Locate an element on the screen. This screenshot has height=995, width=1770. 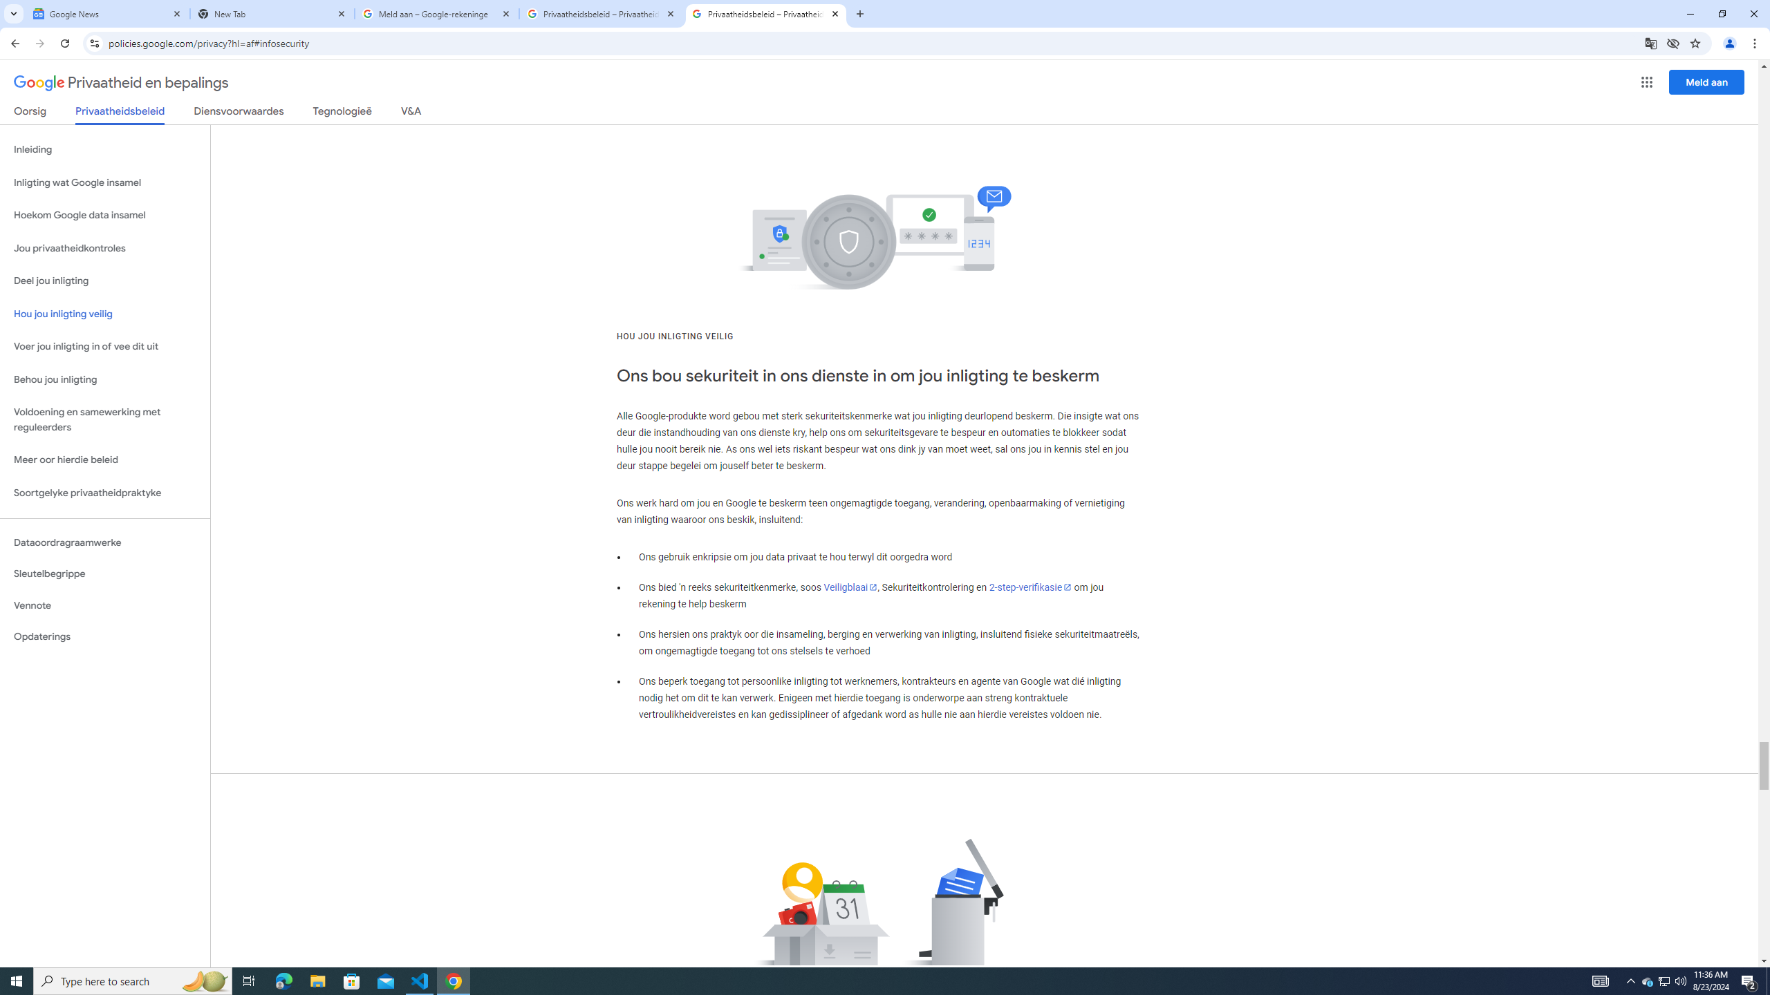
'Privaatheid en bepalings' is located at coordinates (121, 82).